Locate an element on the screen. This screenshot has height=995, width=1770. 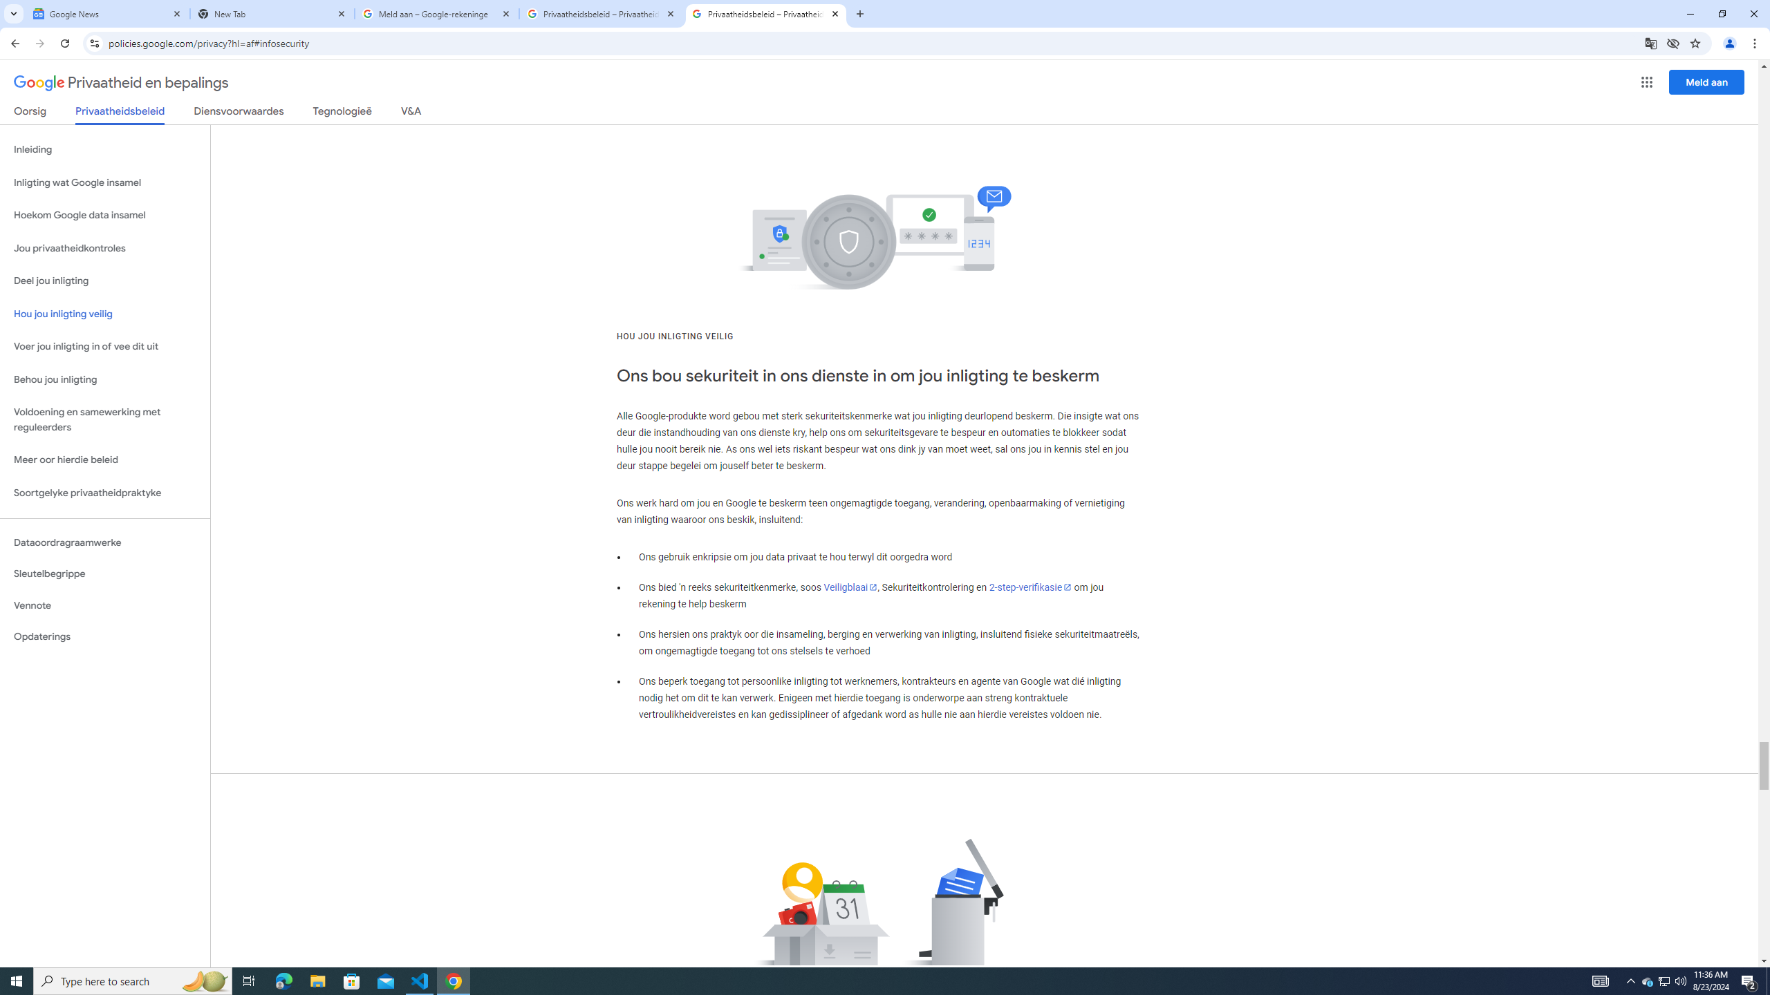
'Privaatheid en bepalings' is located at coordinates (121, 82).